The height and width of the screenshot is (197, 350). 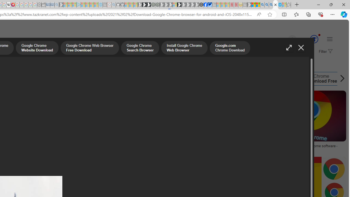 I want to click on 'Close image', so click(x=301, y=47).